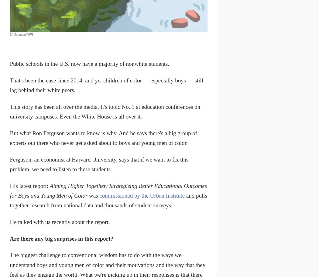  Describe the element at coordinates (10, 222) in the screenshot. I see `'He talked with us recently about the report.'` at that location.